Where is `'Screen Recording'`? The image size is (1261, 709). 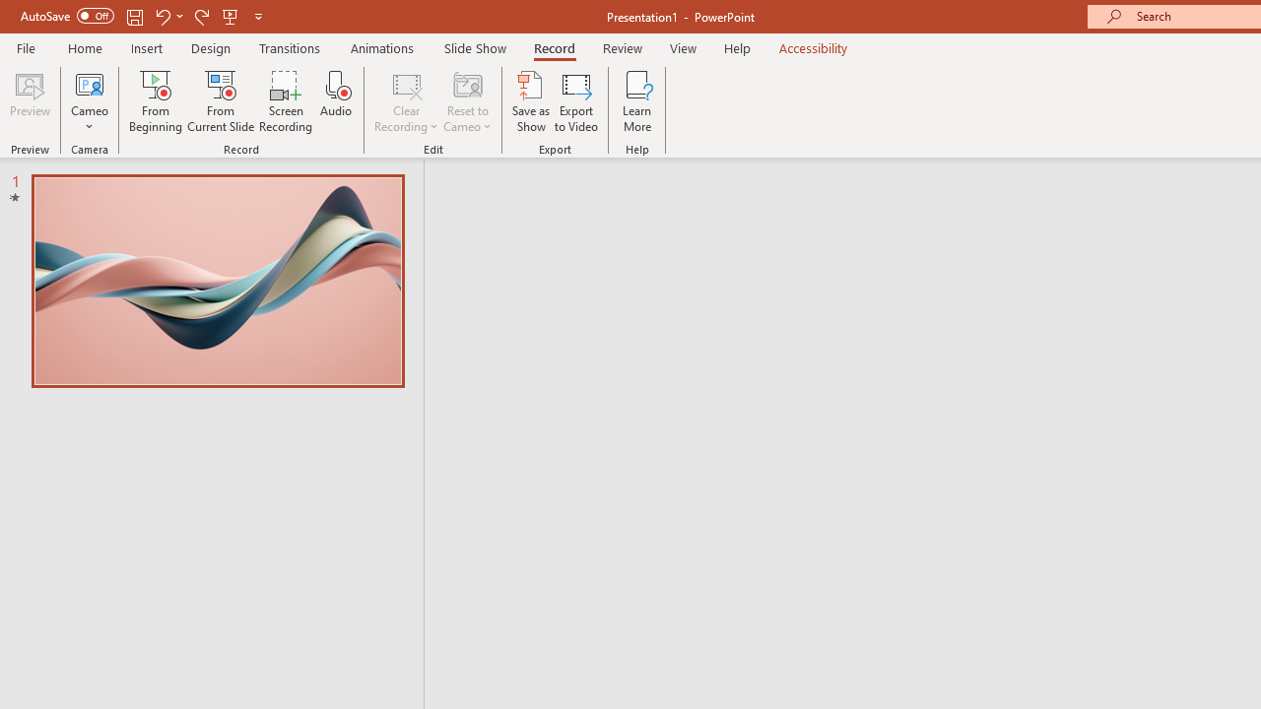
'Screen Recording' is located at coordinates (285, 101).